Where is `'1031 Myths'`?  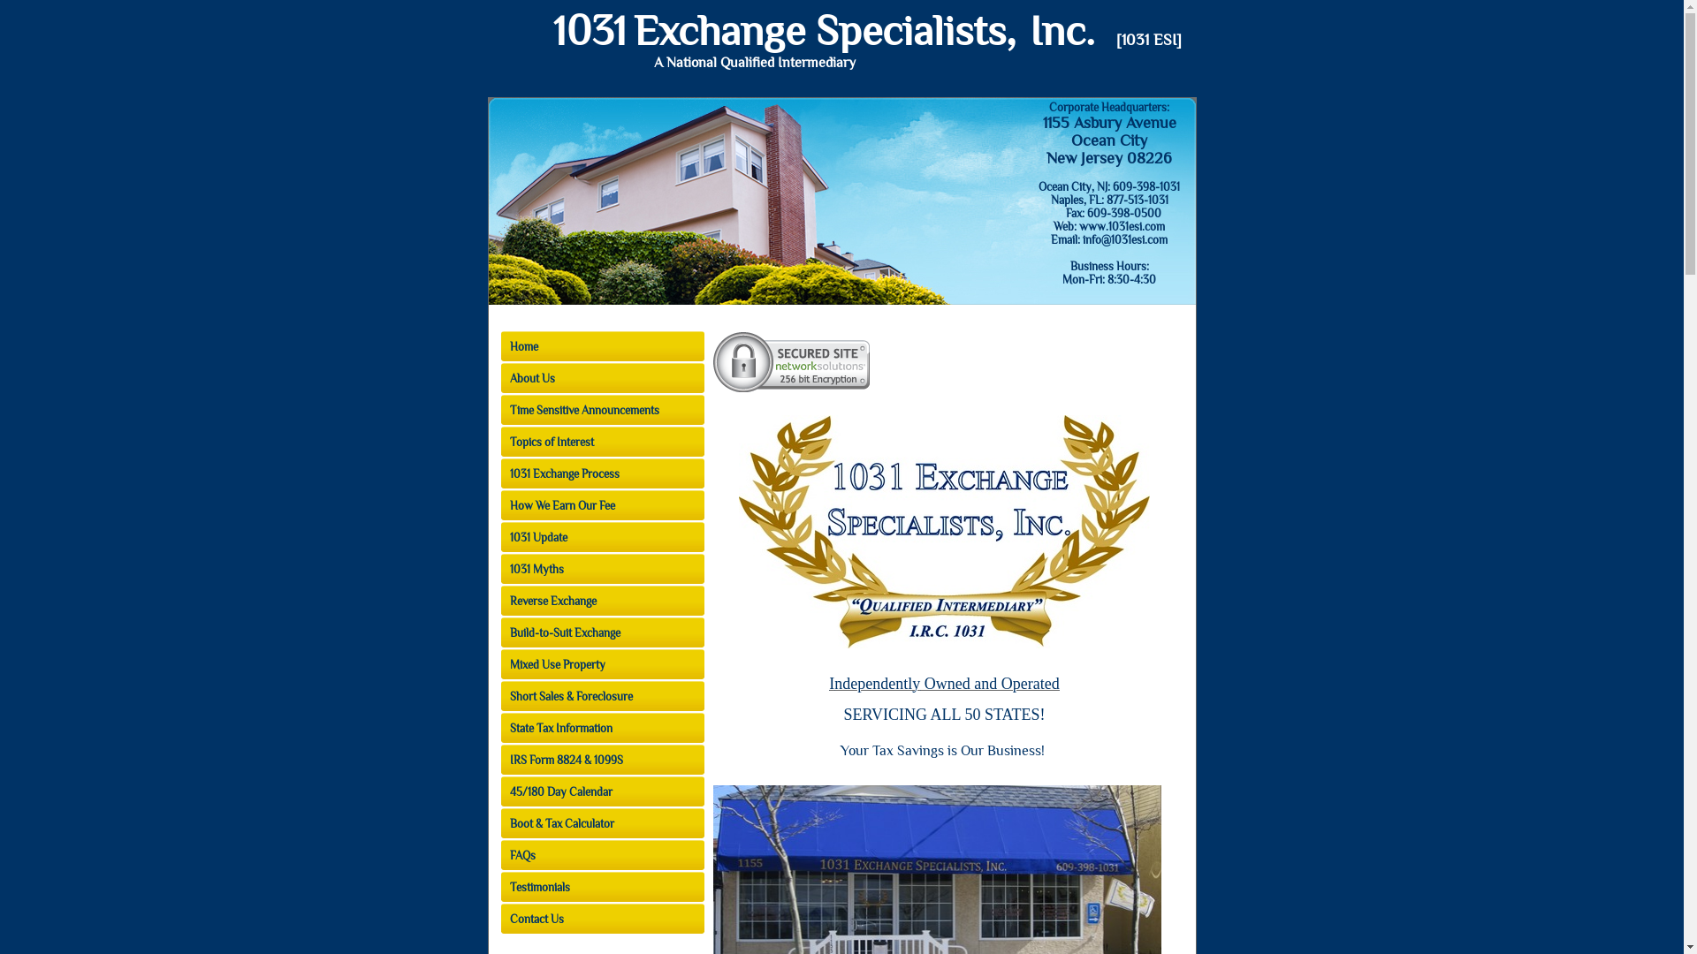
'1031 Myths' is located at coordinates (602, 569).